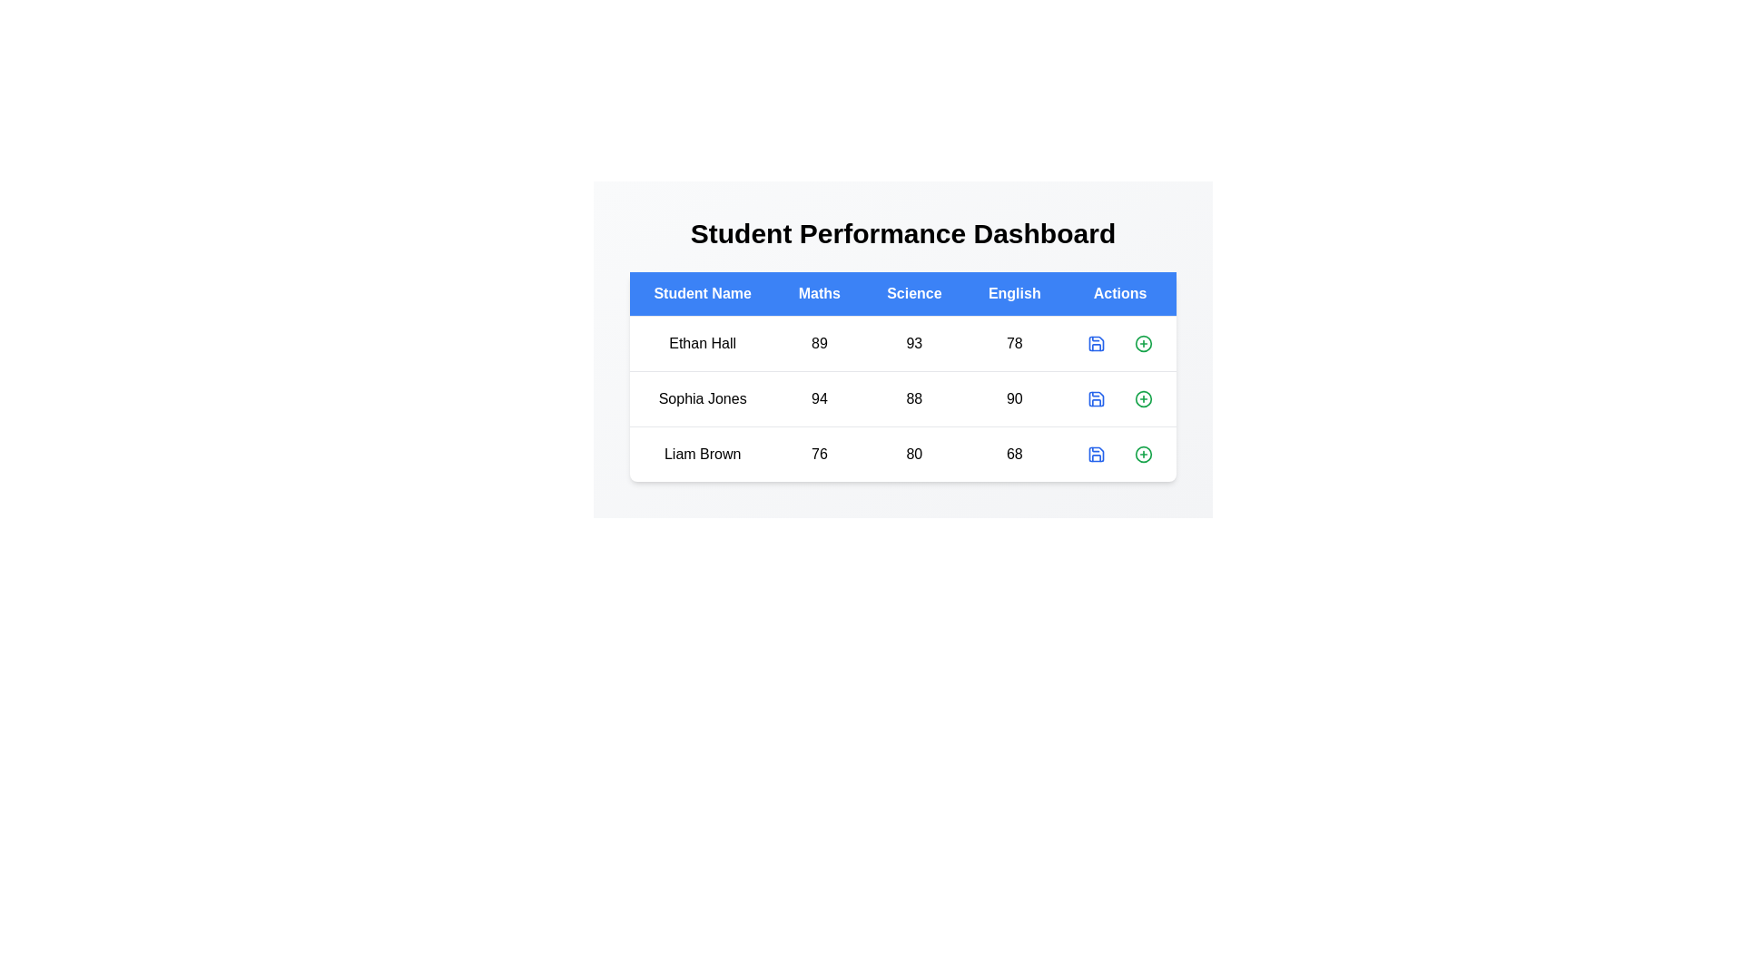 Image resolution: width=1743 pixels, height=980 pixels. What do you see at coordinates (1096, 343) in the screenshot?
I see `'Save' button for the student identified by Ethan Hall` at bounding box center [1096, 343].